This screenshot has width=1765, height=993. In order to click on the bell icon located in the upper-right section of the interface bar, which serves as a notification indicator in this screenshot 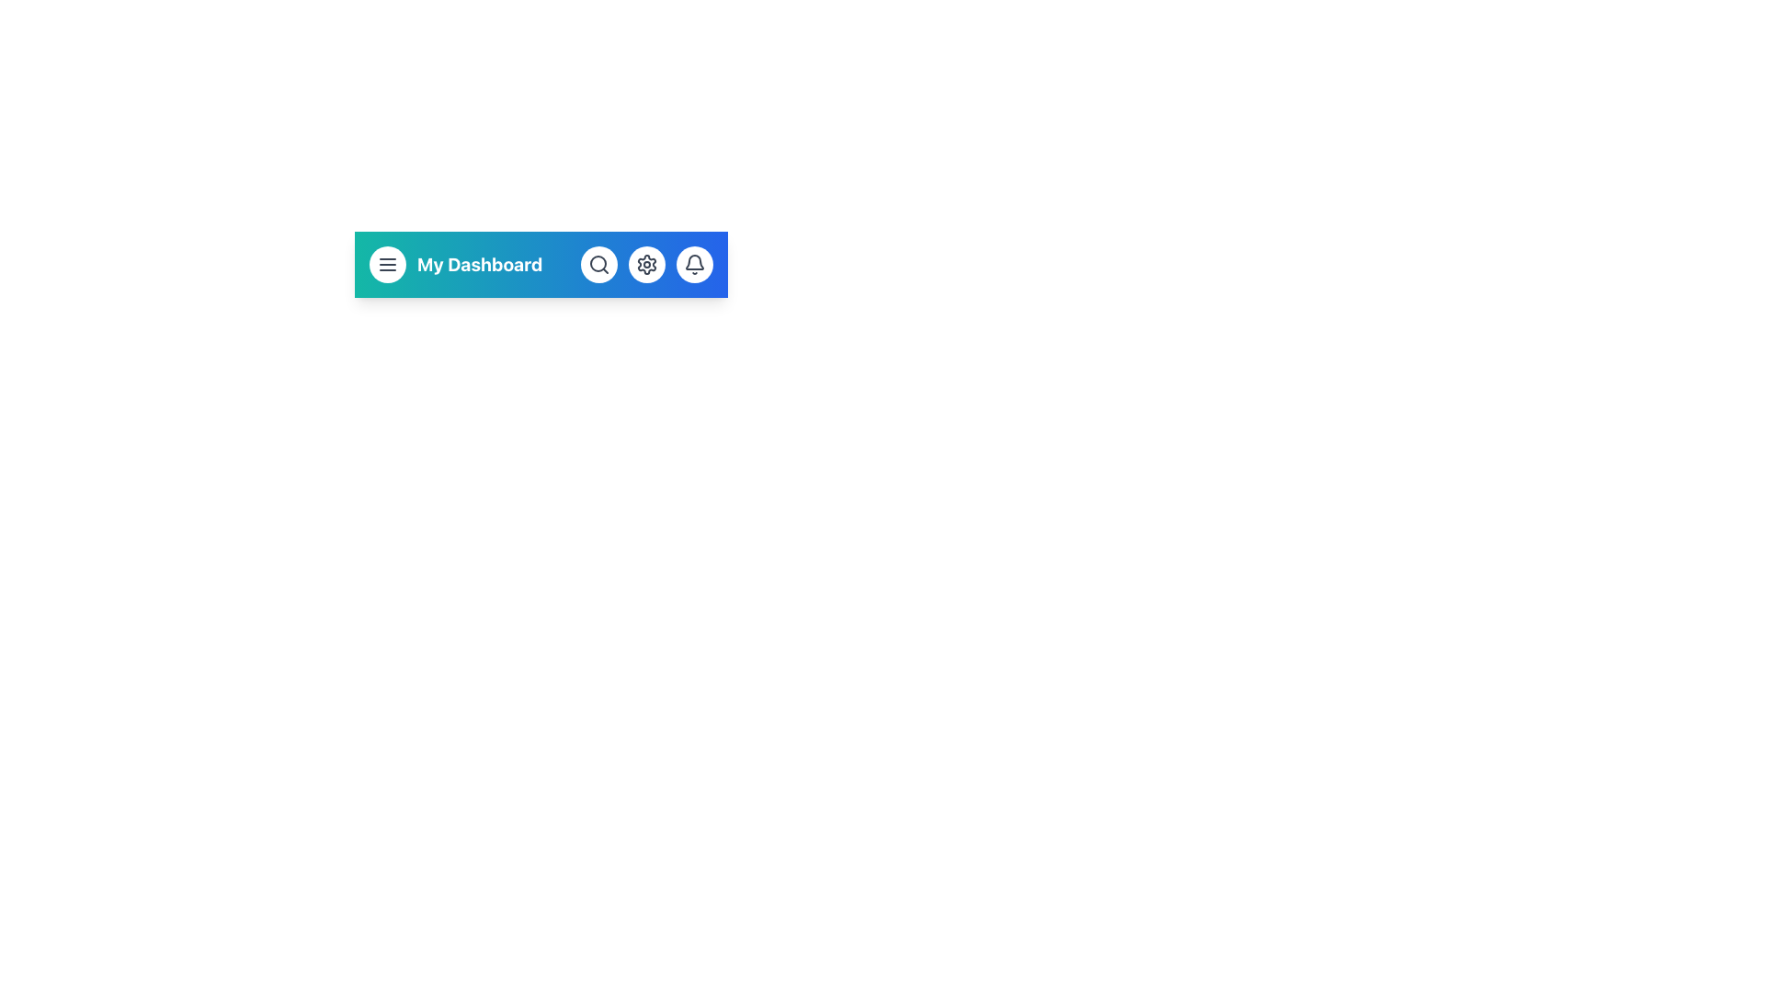, I will do `click(693, 265)`.